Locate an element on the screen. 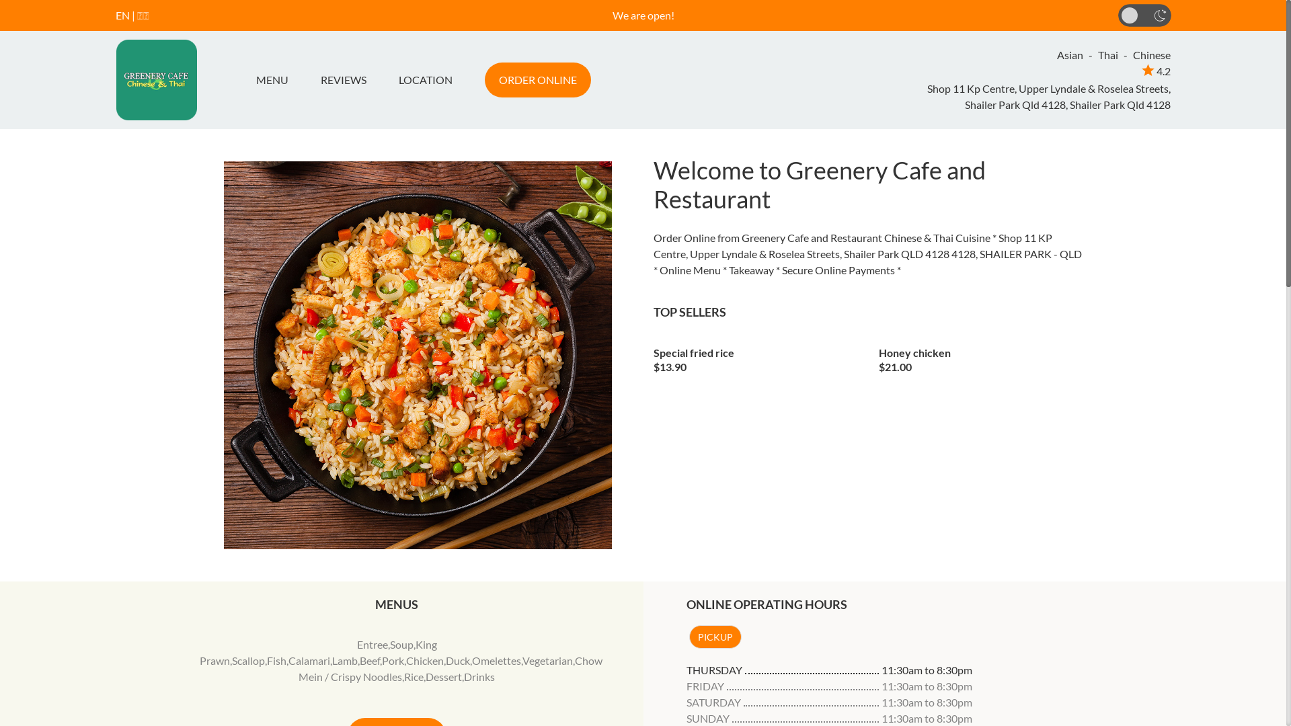 The width and height of the screenshot is (1291, 726). 'Fish' is located at coordinates (276, 659).